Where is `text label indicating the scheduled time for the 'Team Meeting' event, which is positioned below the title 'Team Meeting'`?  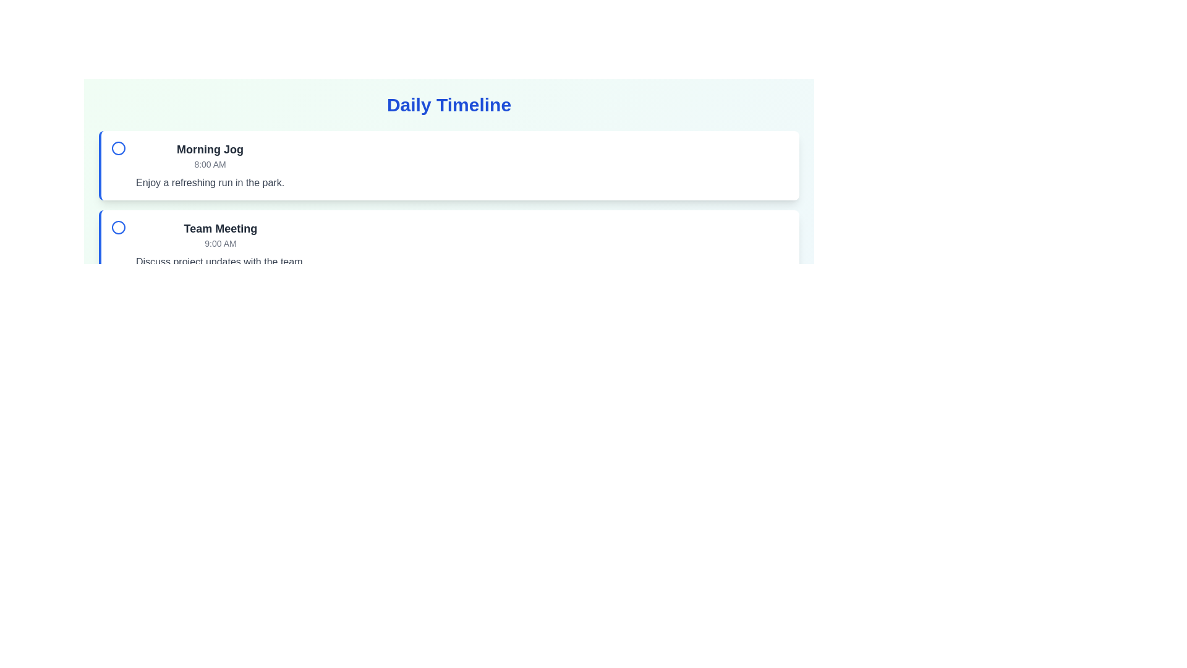 text label indicating the scheduled time for the 'Team Meeting' event, which is positioned below the title 'Team Meeting' is located at coordinates (220, 243).